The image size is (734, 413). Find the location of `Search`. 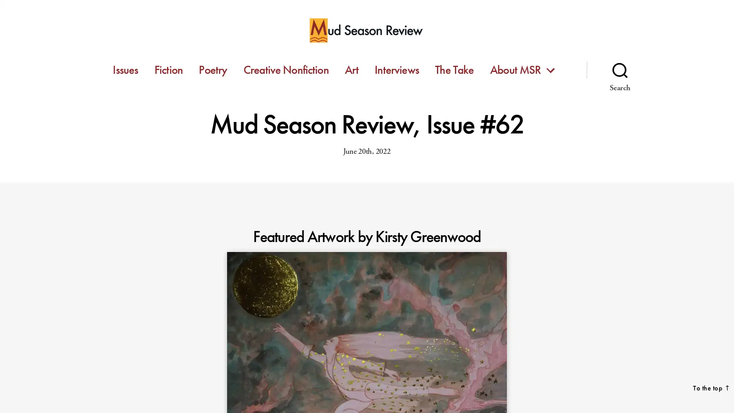

Search is located at coordinates (620, 70).